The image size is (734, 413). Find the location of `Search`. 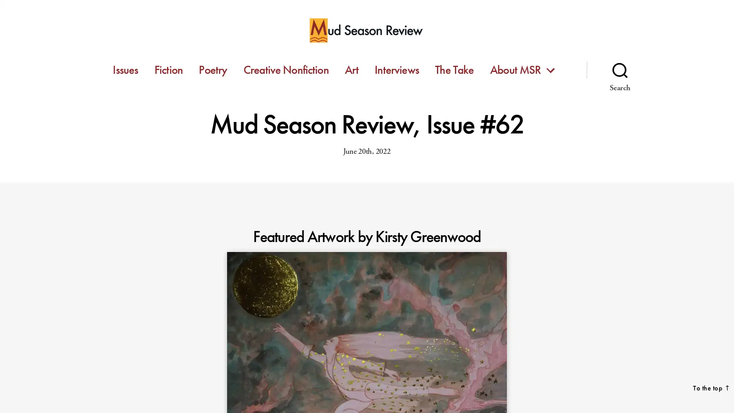

Search is located at coordinates (620, 70).